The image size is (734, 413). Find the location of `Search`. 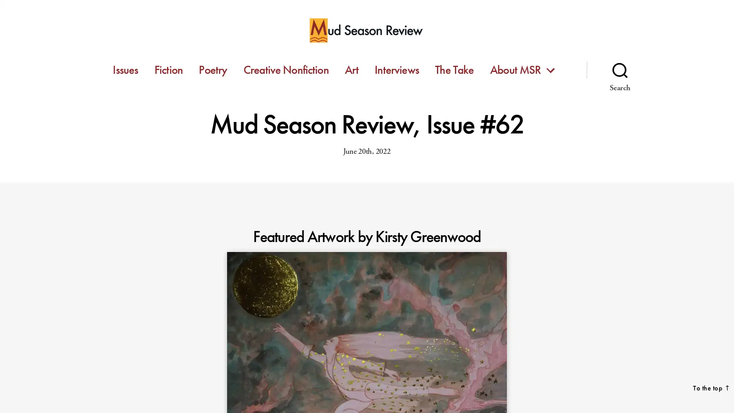

Search is located at coordinates (620, 70).